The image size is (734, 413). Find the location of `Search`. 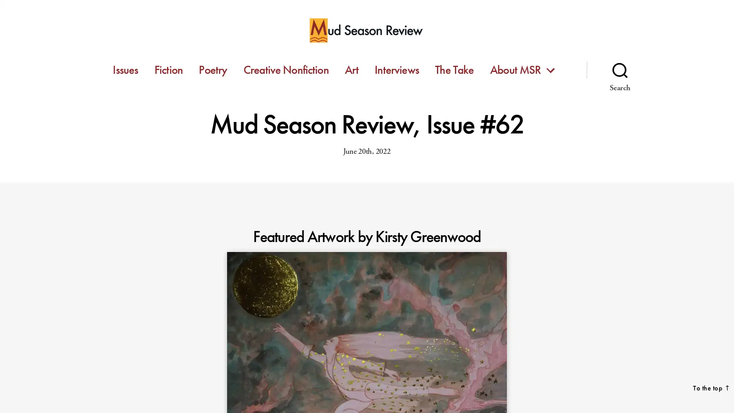

Search is located at coordinates (620, 70).